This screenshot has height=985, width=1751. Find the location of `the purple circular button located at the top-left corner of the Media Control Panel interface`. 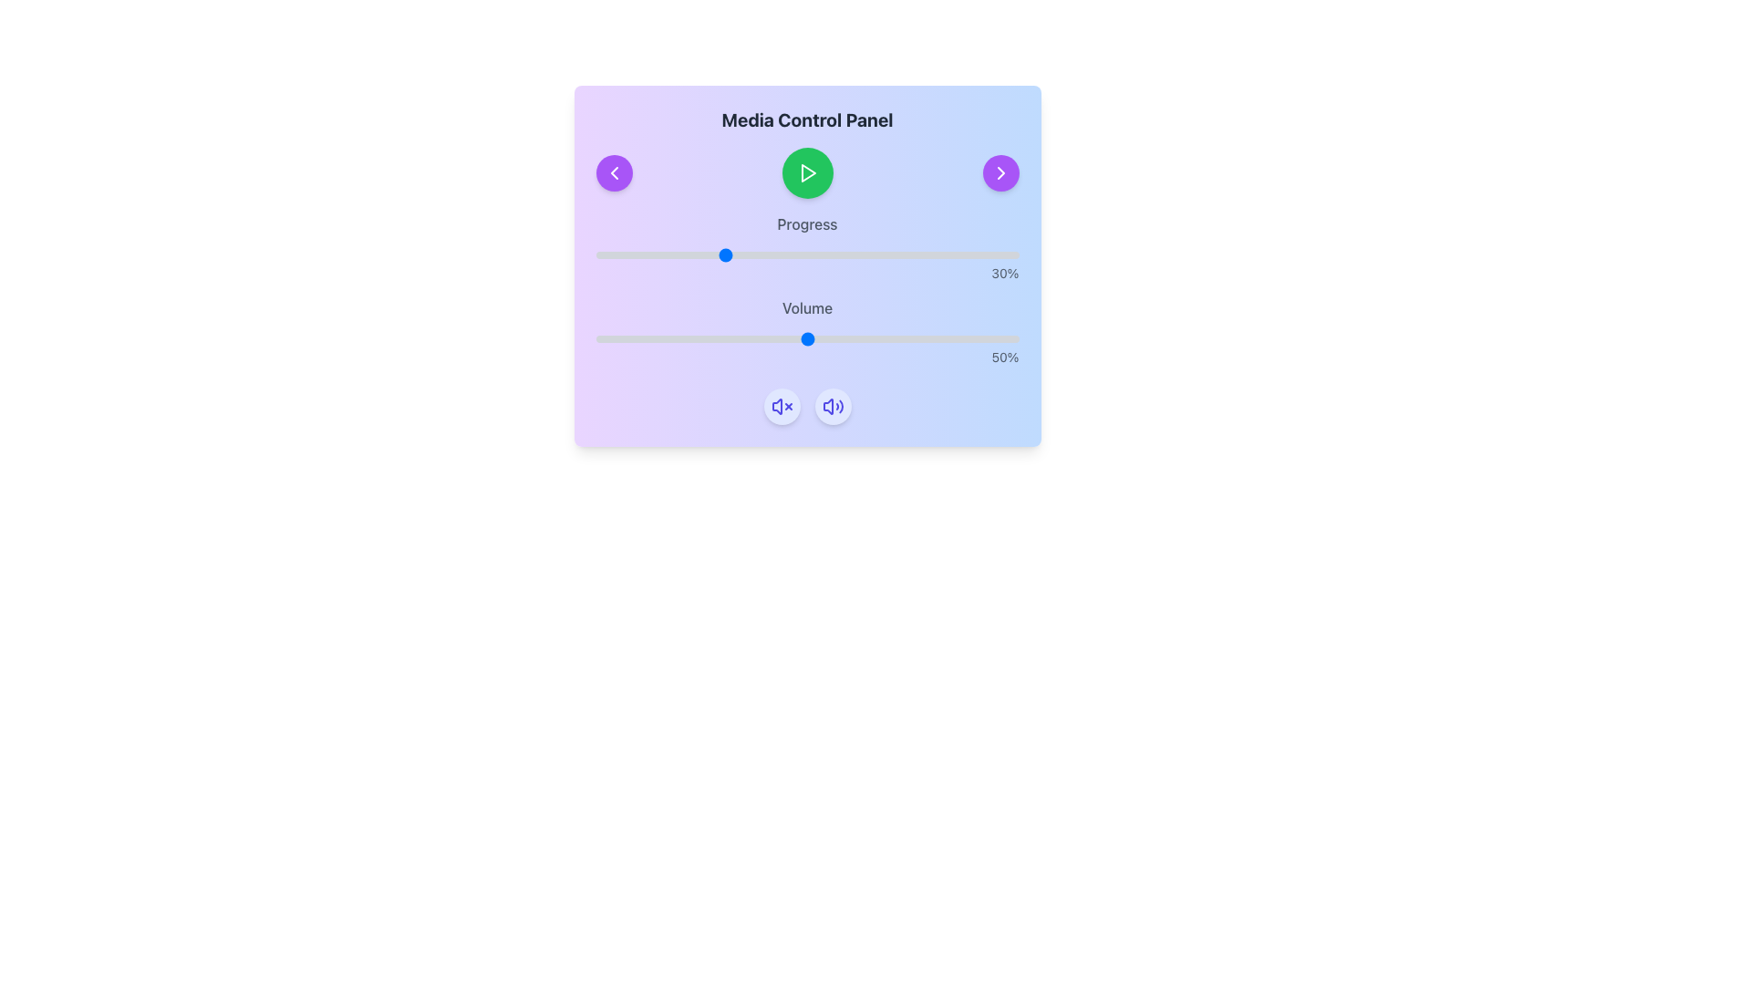

the purple circular button located at the top-left corner of the Media Control Panel interface is located at coordinates (614, 172).